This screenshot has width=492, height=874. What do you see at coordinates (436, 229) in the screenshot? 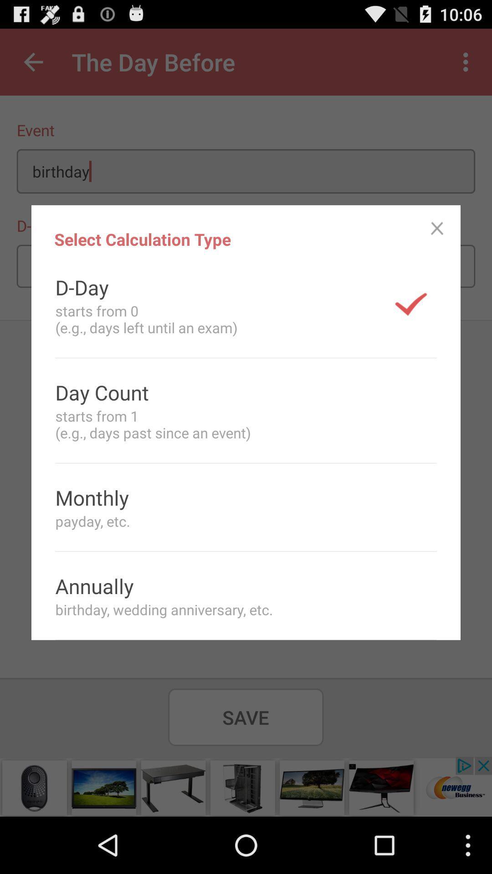
I see `window` at bounding box center [436, 229].